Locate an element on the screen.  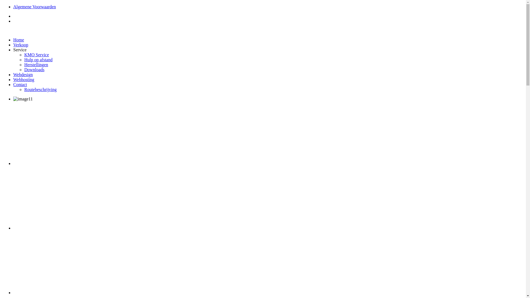
'Webdesign' is located at coordinates (23, 74).